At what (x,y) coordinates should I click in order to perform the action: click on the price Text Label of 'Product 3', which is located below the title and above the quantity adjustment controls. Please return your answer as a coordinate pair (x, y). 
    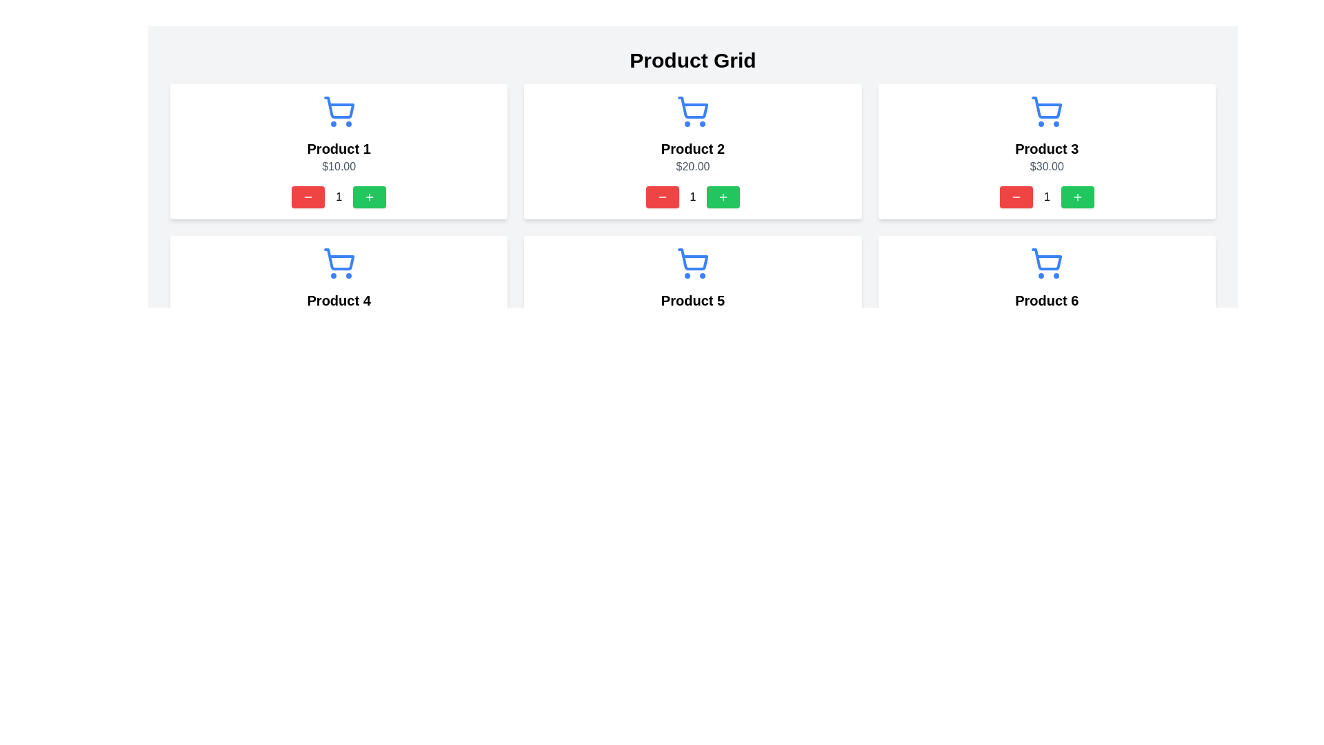
    Looking at the image, I should click on (1047, 166).